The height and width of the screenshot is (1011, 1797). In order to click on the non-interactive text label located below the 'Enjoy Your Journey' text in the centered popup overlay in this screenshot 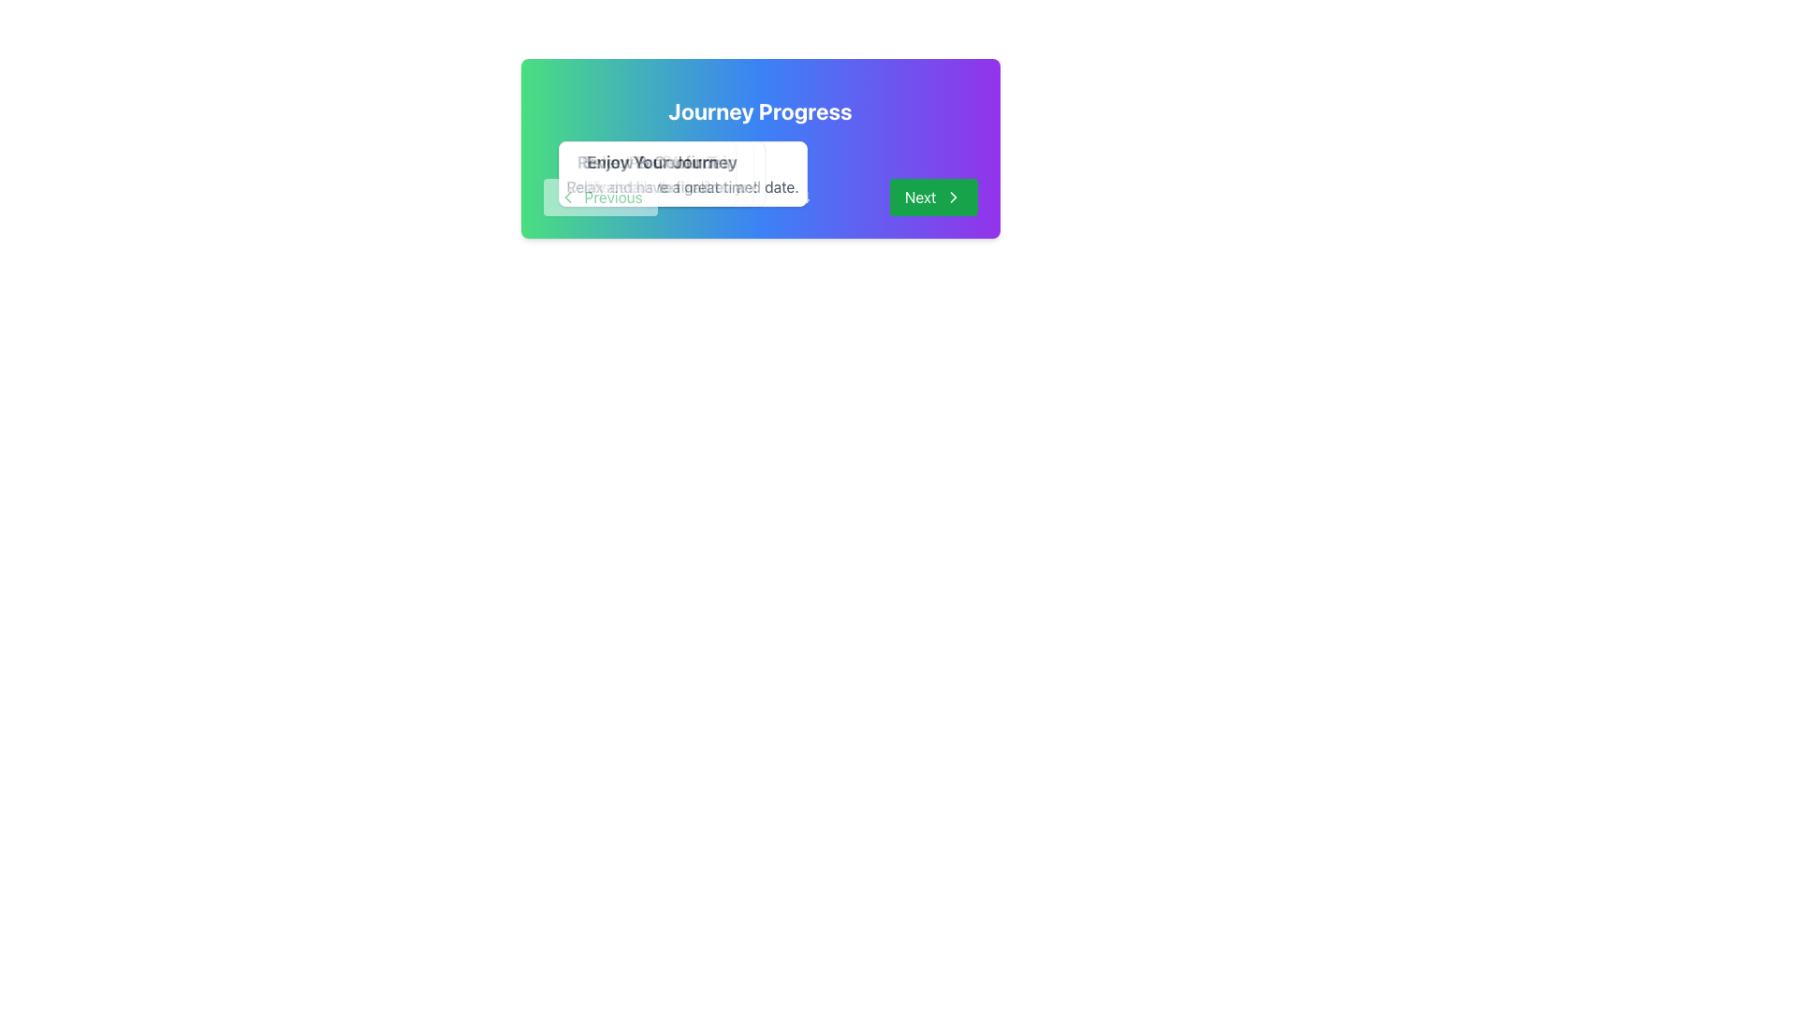, I will do `click(662, 187)`.